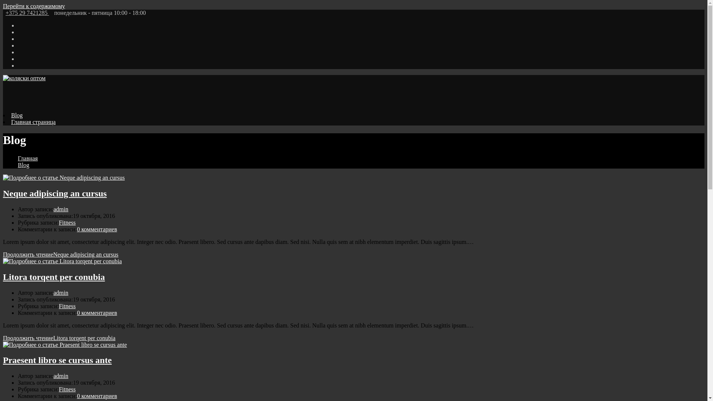 The image size is (713, 401). What do you see at coordinates (18, 164) in the screenshot?
I see `'Blog'` at bounding box center [18, 164].